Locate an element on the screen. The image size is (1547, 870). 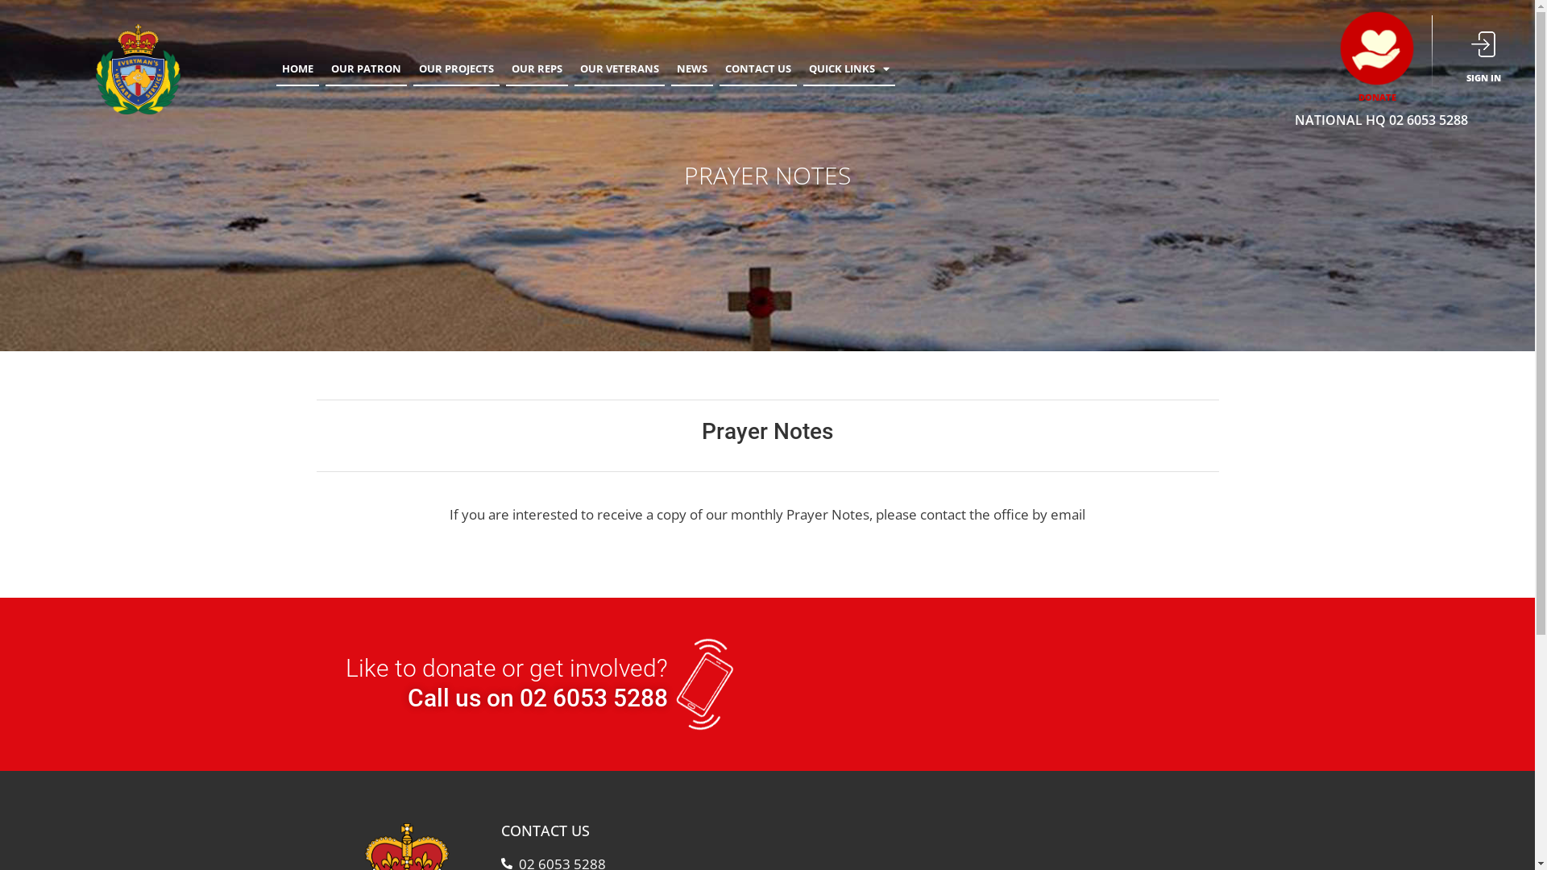
'OUR VETERANS' is located at coordinates (618, 68).